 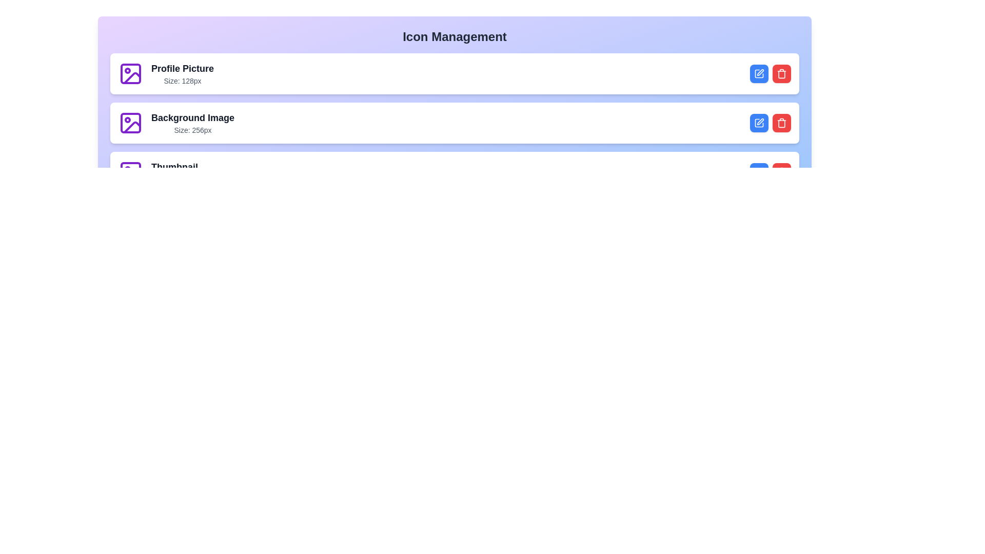 What do you see at coordinates (130, 122) in the screenshot?
I see `the small rectangle with rounded corners that has a purple border, located inside the SVG icon for images, which is grouped under 'Background Image'` at bounding box center [130, 122].